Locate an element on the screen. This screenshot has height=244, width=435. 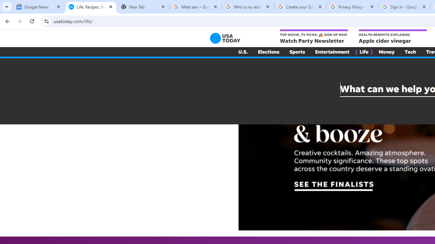
'Entertainment' is located at coordinates (332, 52).